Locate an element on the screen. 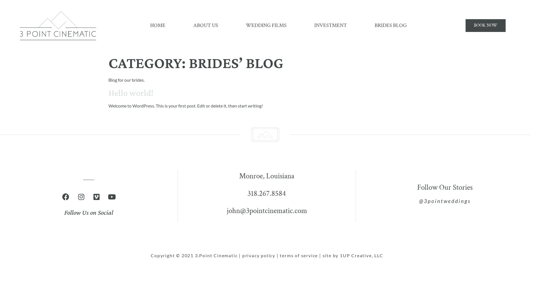 Image resolution: width=534 pixels, height=300 pixels. 'INVESTMENT' is located at coordinates (330, 26).